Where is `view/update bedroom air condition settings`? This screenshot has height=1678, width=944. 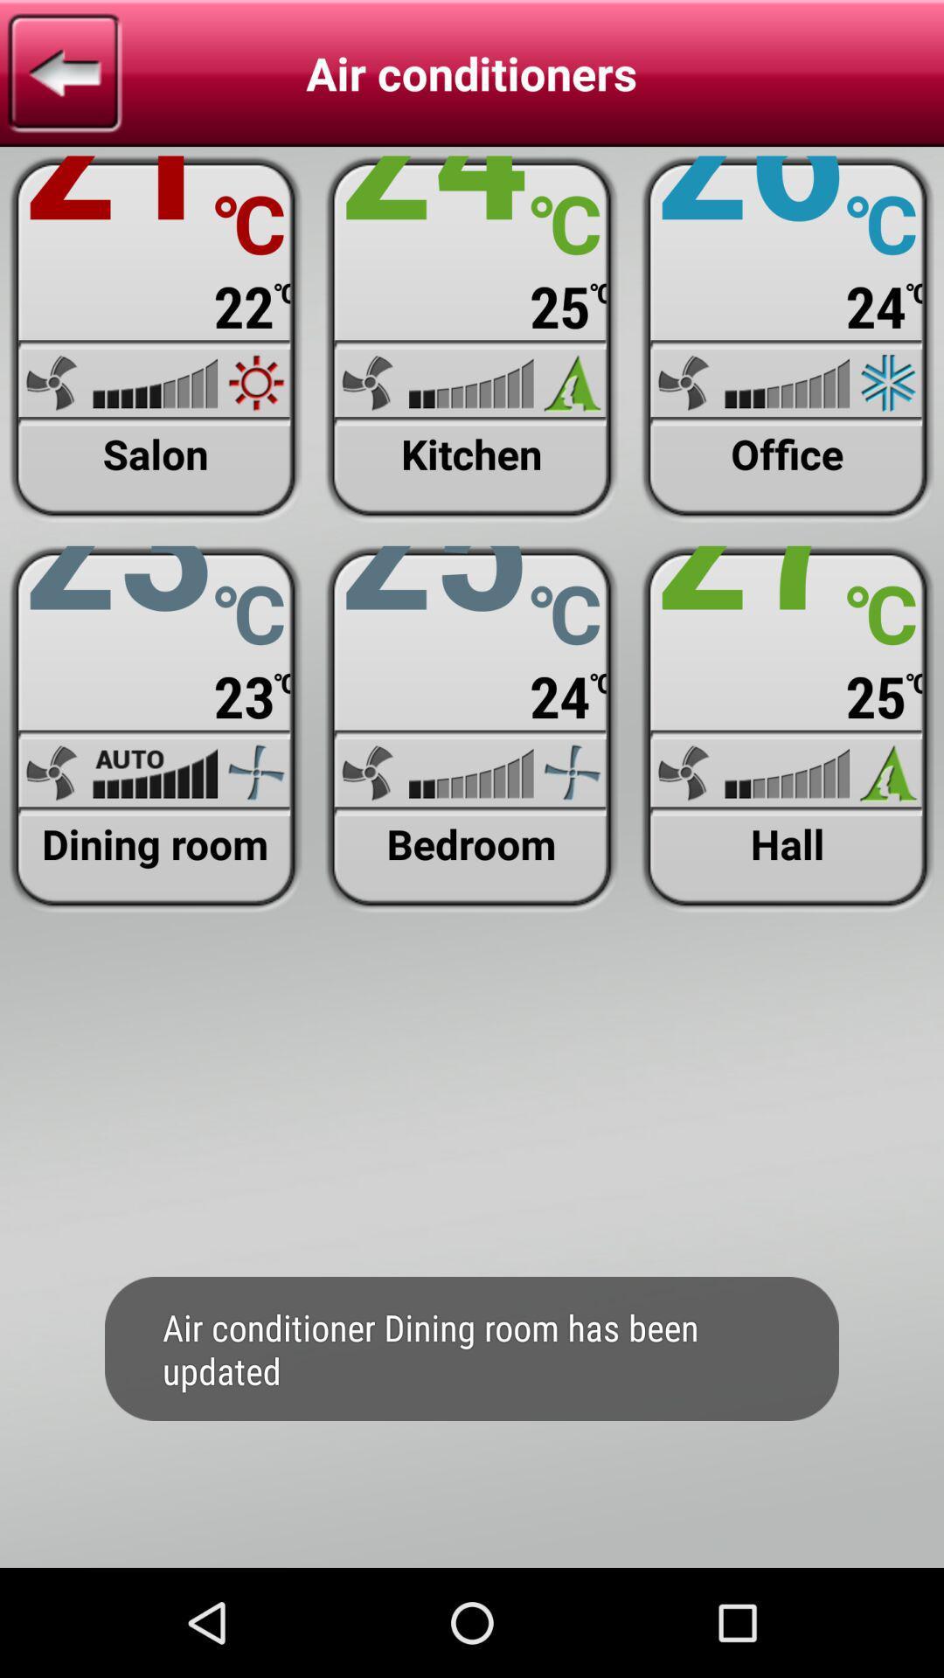 view/update bedroom air condition settings is located at coordinates (470, 729).